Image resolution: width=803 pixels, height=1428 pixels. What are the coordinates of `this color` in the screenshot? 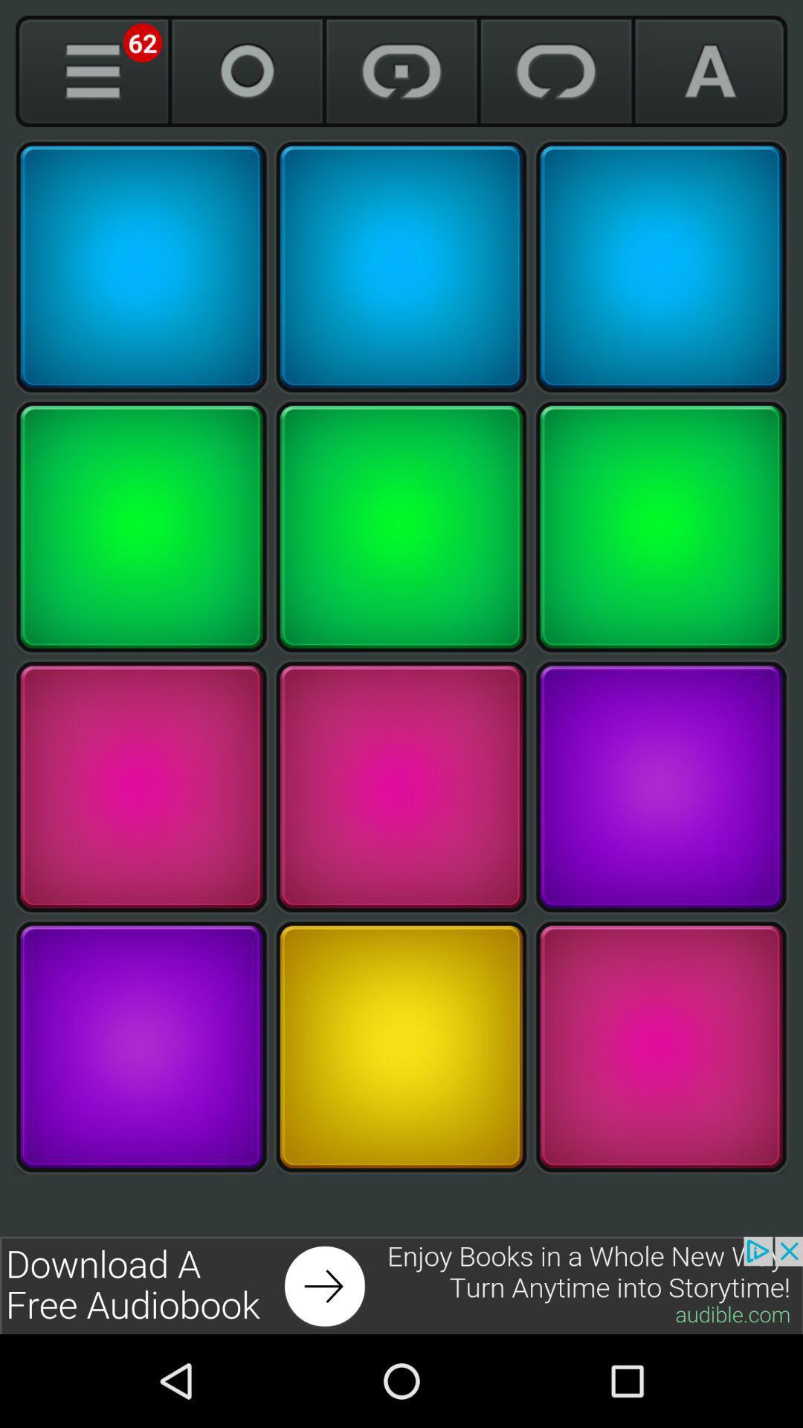 It's located at (401, 786).